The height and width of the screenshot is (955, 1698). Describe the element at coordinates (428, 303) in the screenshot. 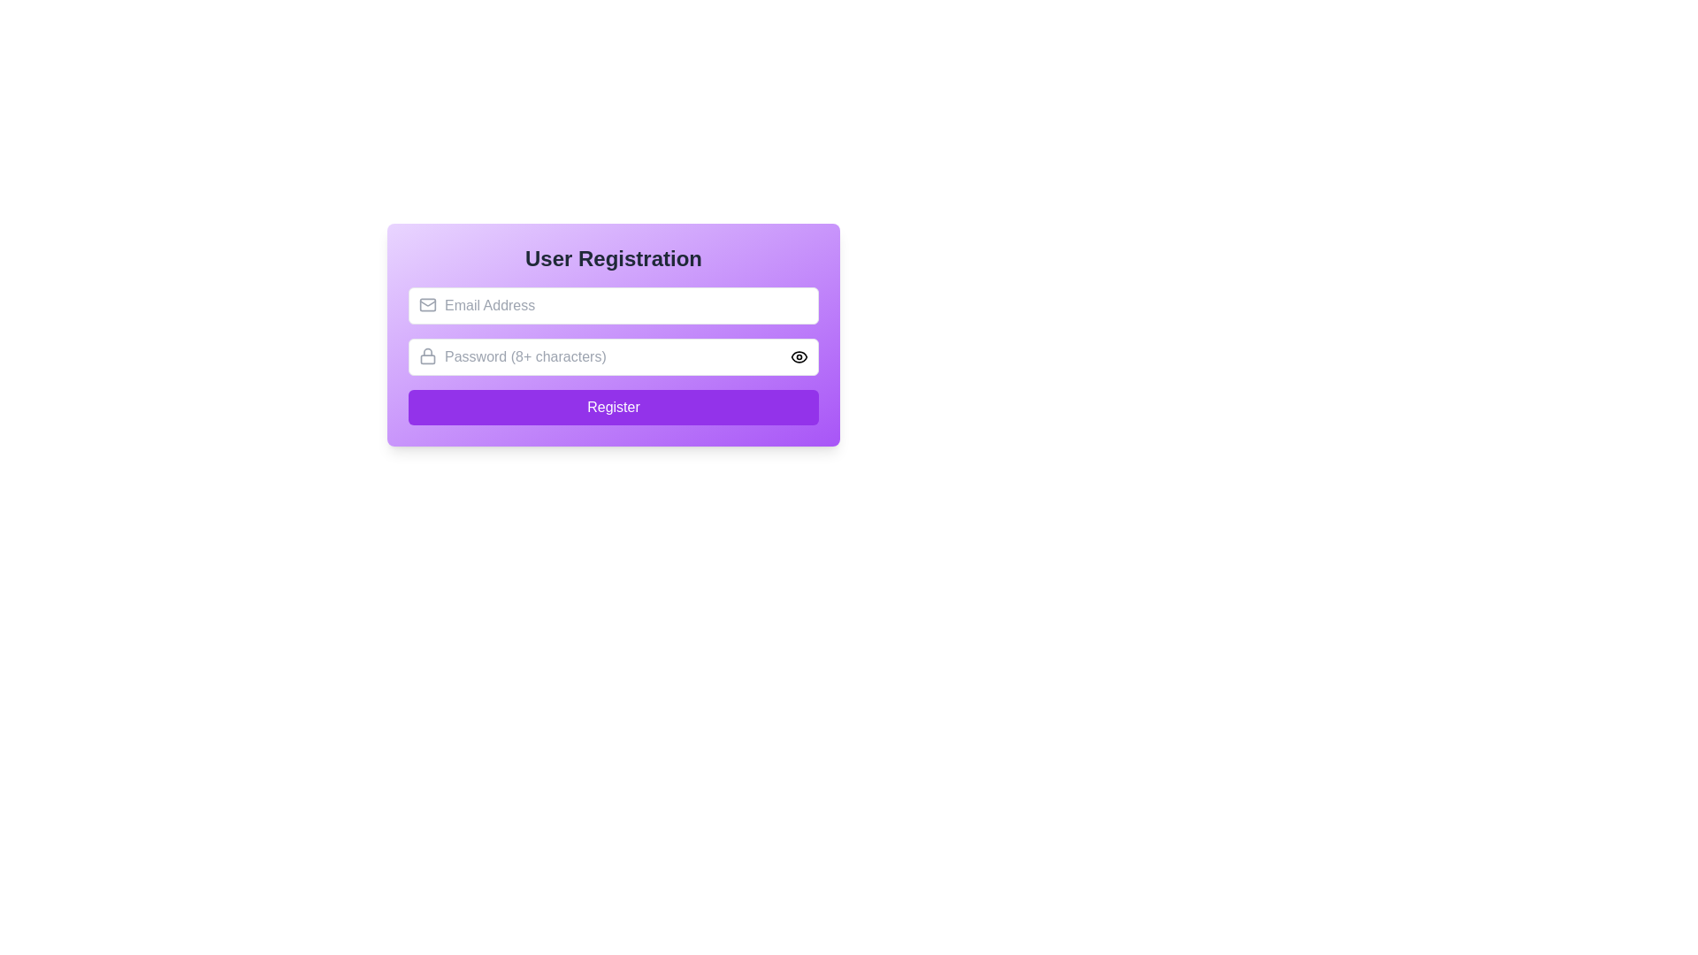

I see `the envelope-shaped icon associated with email in the registration form, located at the left edge of the email input field` at that location.